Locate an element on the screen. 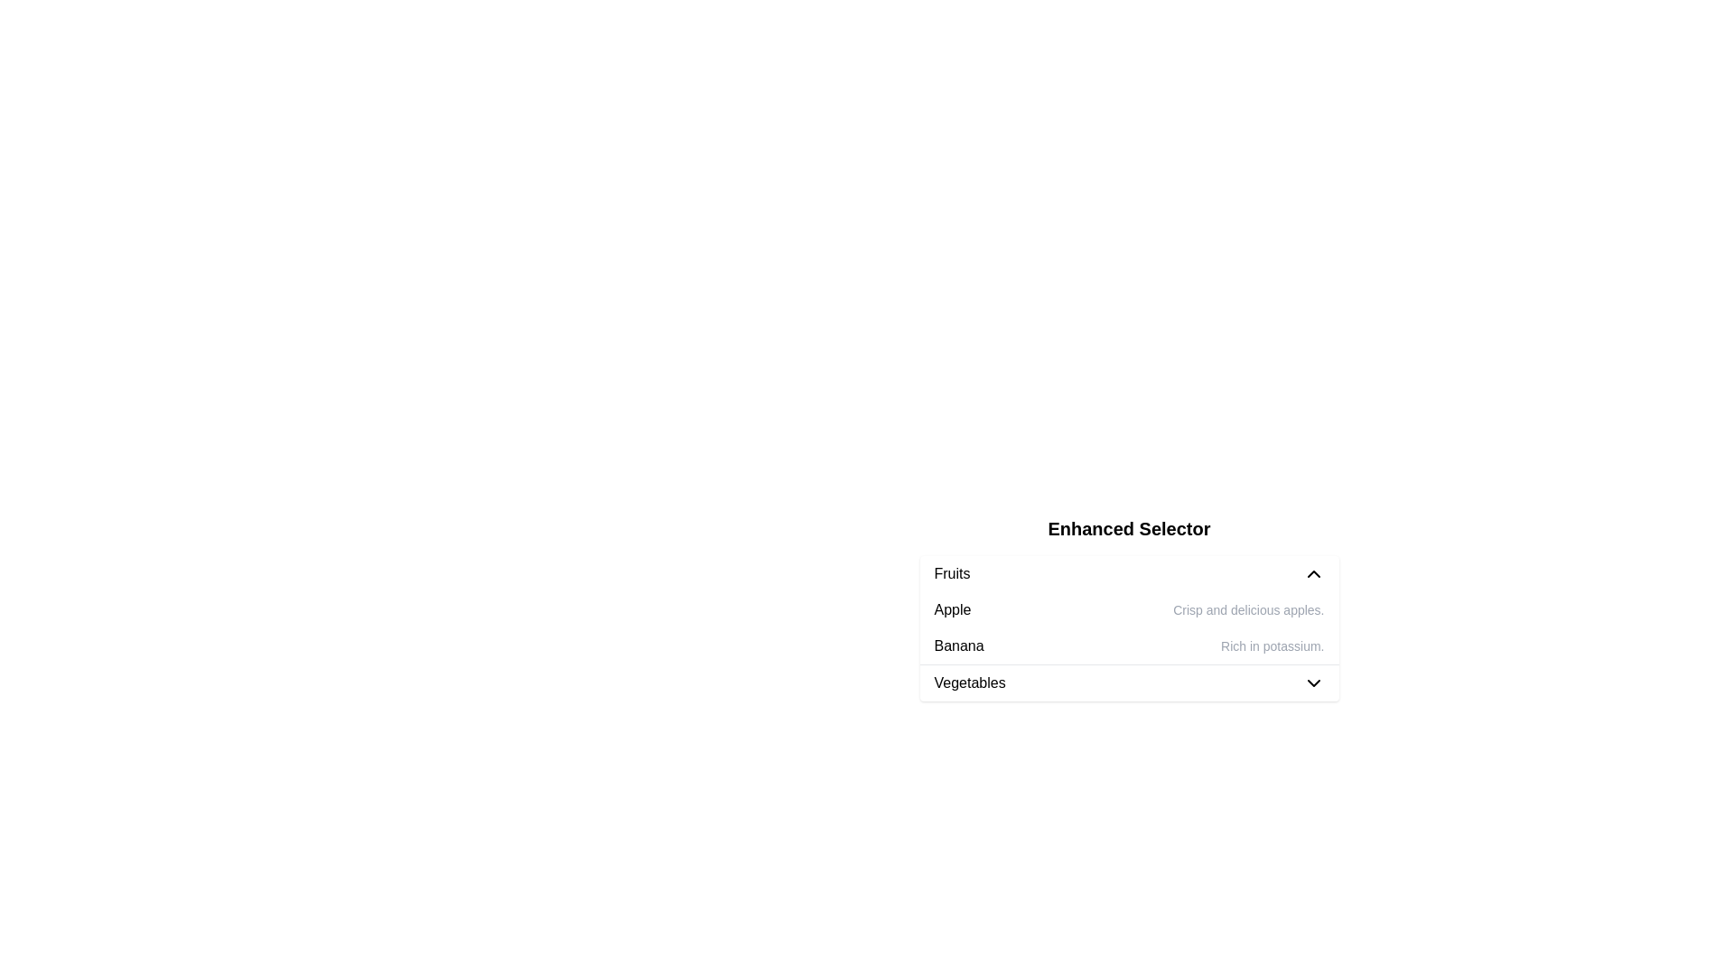 The image size is (1734, 975). the text label reading 'Crisp and delicious apples.' which is styled in a small, gray font and located within the dropdown menu of the 'Fruits' section is located at coordinates (1247, 609).